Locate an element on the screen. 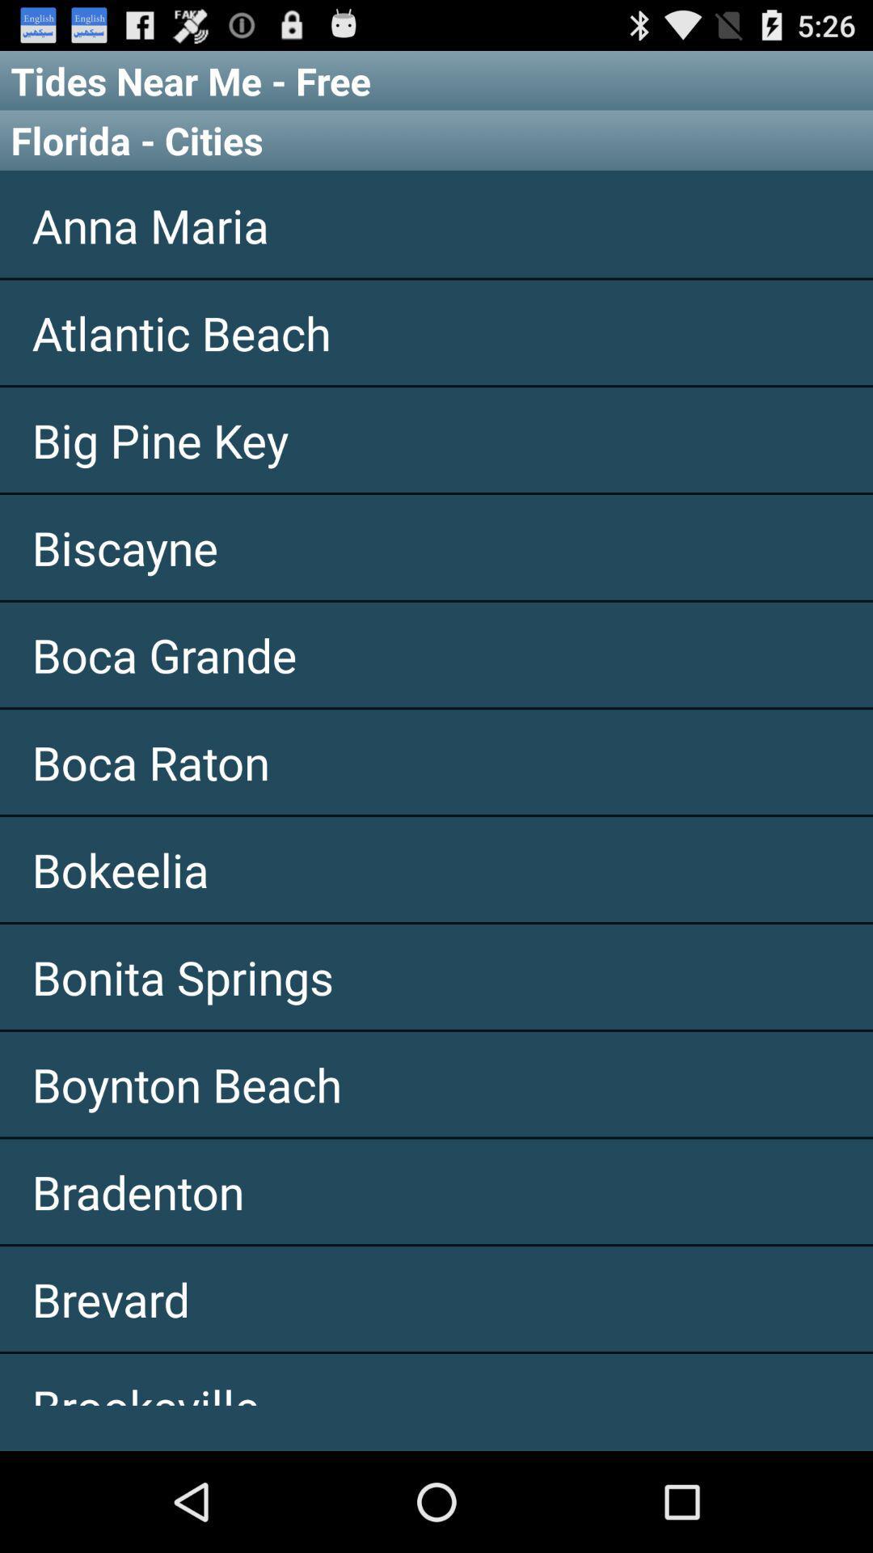 The height and width of the screenshot is (1553, 873). the atlantic beach is located at coordinates (436, 332).